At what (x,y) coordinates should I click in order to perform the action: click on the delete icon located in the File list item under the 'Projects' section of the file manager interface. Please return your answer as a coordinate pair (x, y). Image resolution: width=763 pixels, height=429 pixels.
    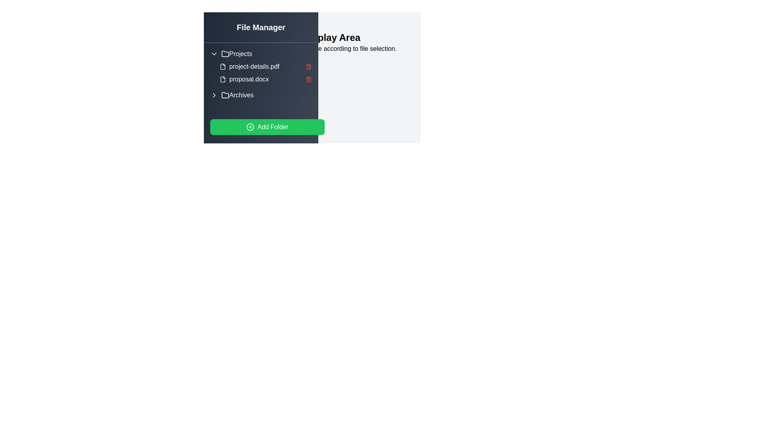
    Looking at the image, I should click on (265, 73).